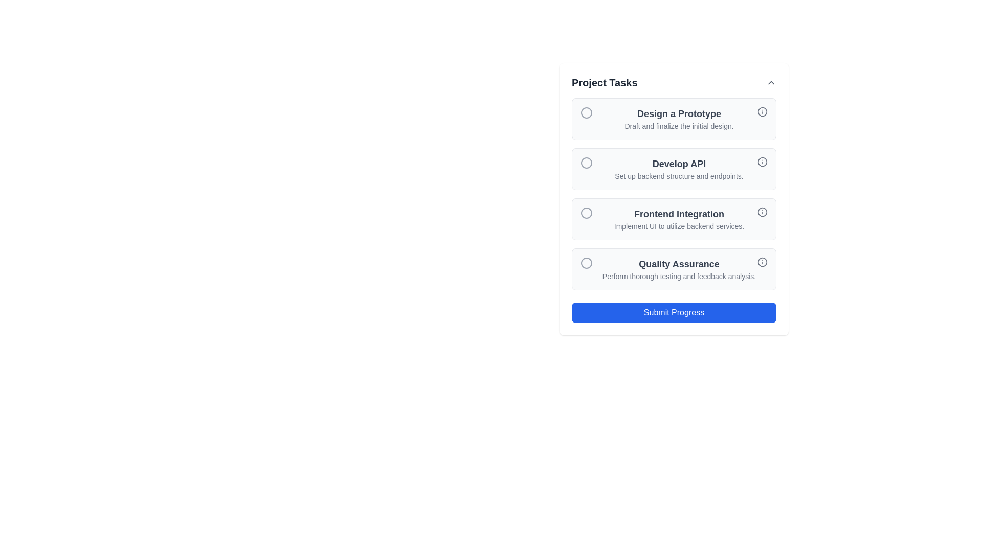 The image size is (982, 552). Describe the element at coordinates (674, 199) in the screenshot. I see `the checkbox of the 'Frontend Integration' task item located in the third position under the 'Project Tasks' title` at that location.